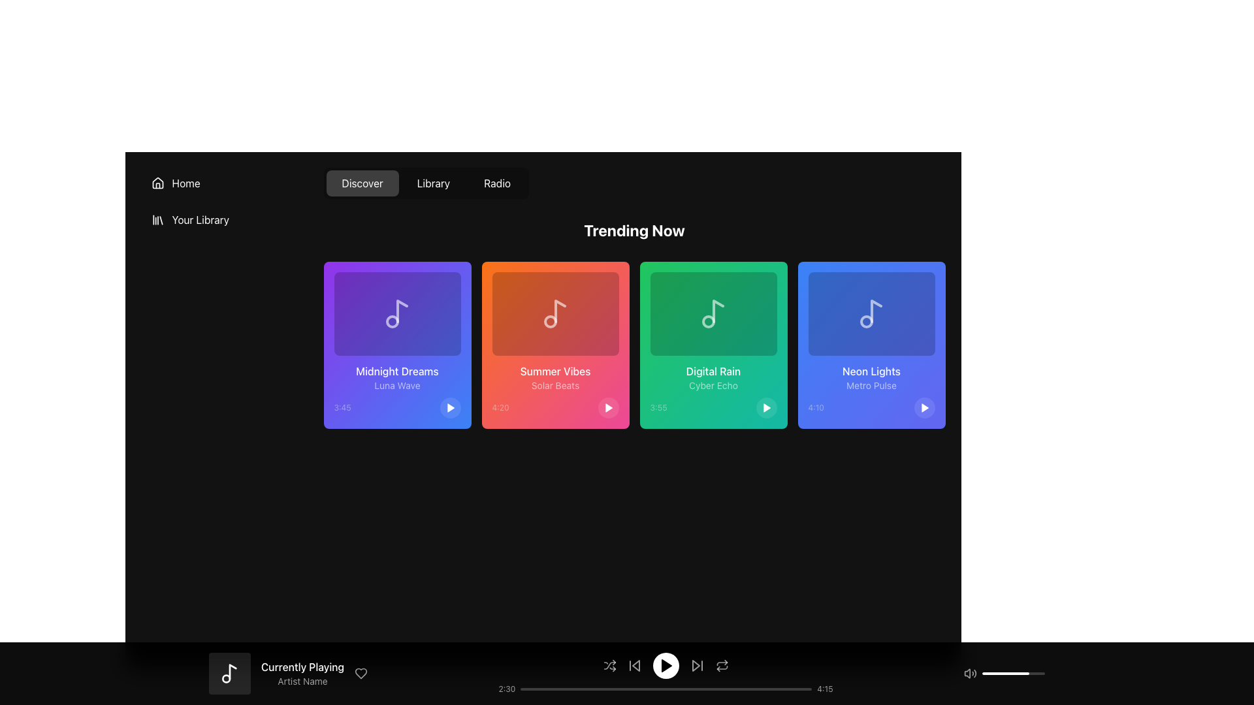  What do you see at coordinates (361, 674) in the screenshot?
I see `the heart-shaped icon outlined in white, which serves as a 'like' or 'favorite' button located to the right of 'Currently Playing' and 'Artist Name', and slightly to the left of the player controls, to like or unlike` at bounding box center [361, 674].